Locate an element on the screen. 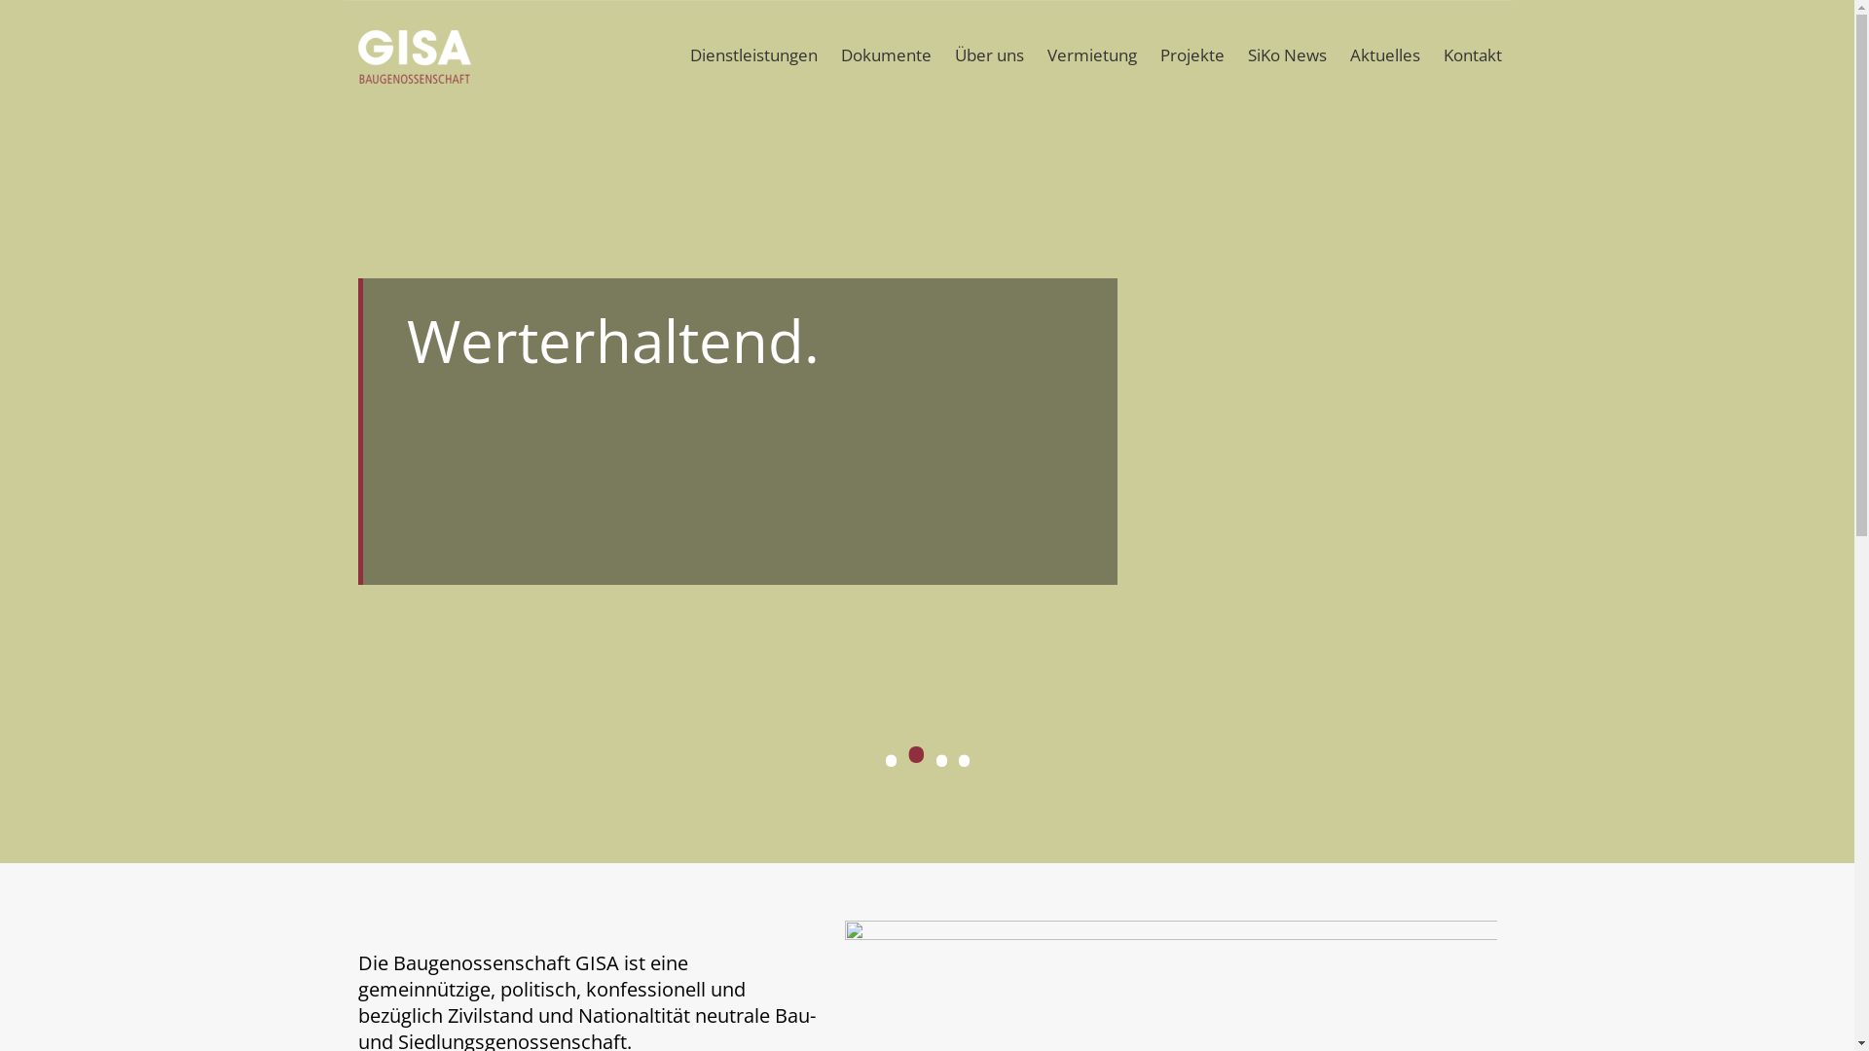 The height and width of the screenshot is (1051, 1869). 'Kontakt' is located at coordinates (1472, 54).